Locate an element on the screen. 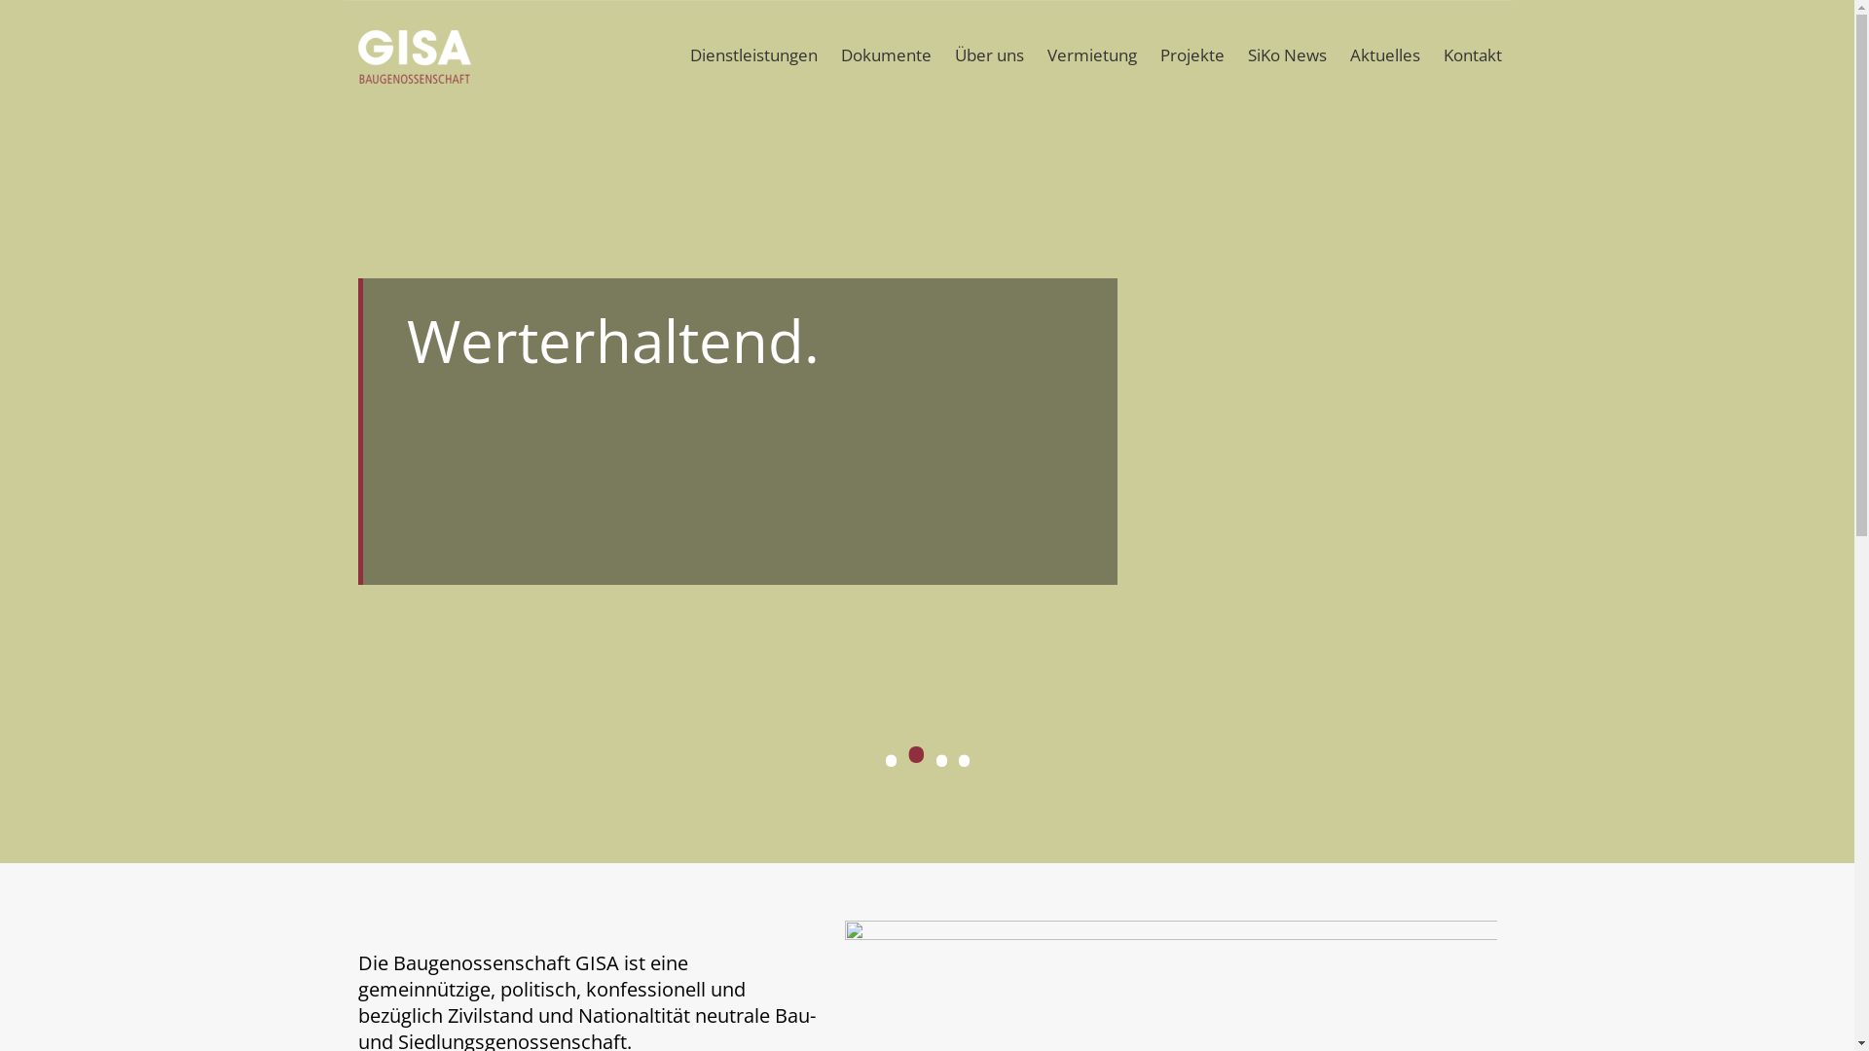 The height and width of the screenshot is (1051, 1869). 'Kontakt' is located at coordinates (1472, 54).